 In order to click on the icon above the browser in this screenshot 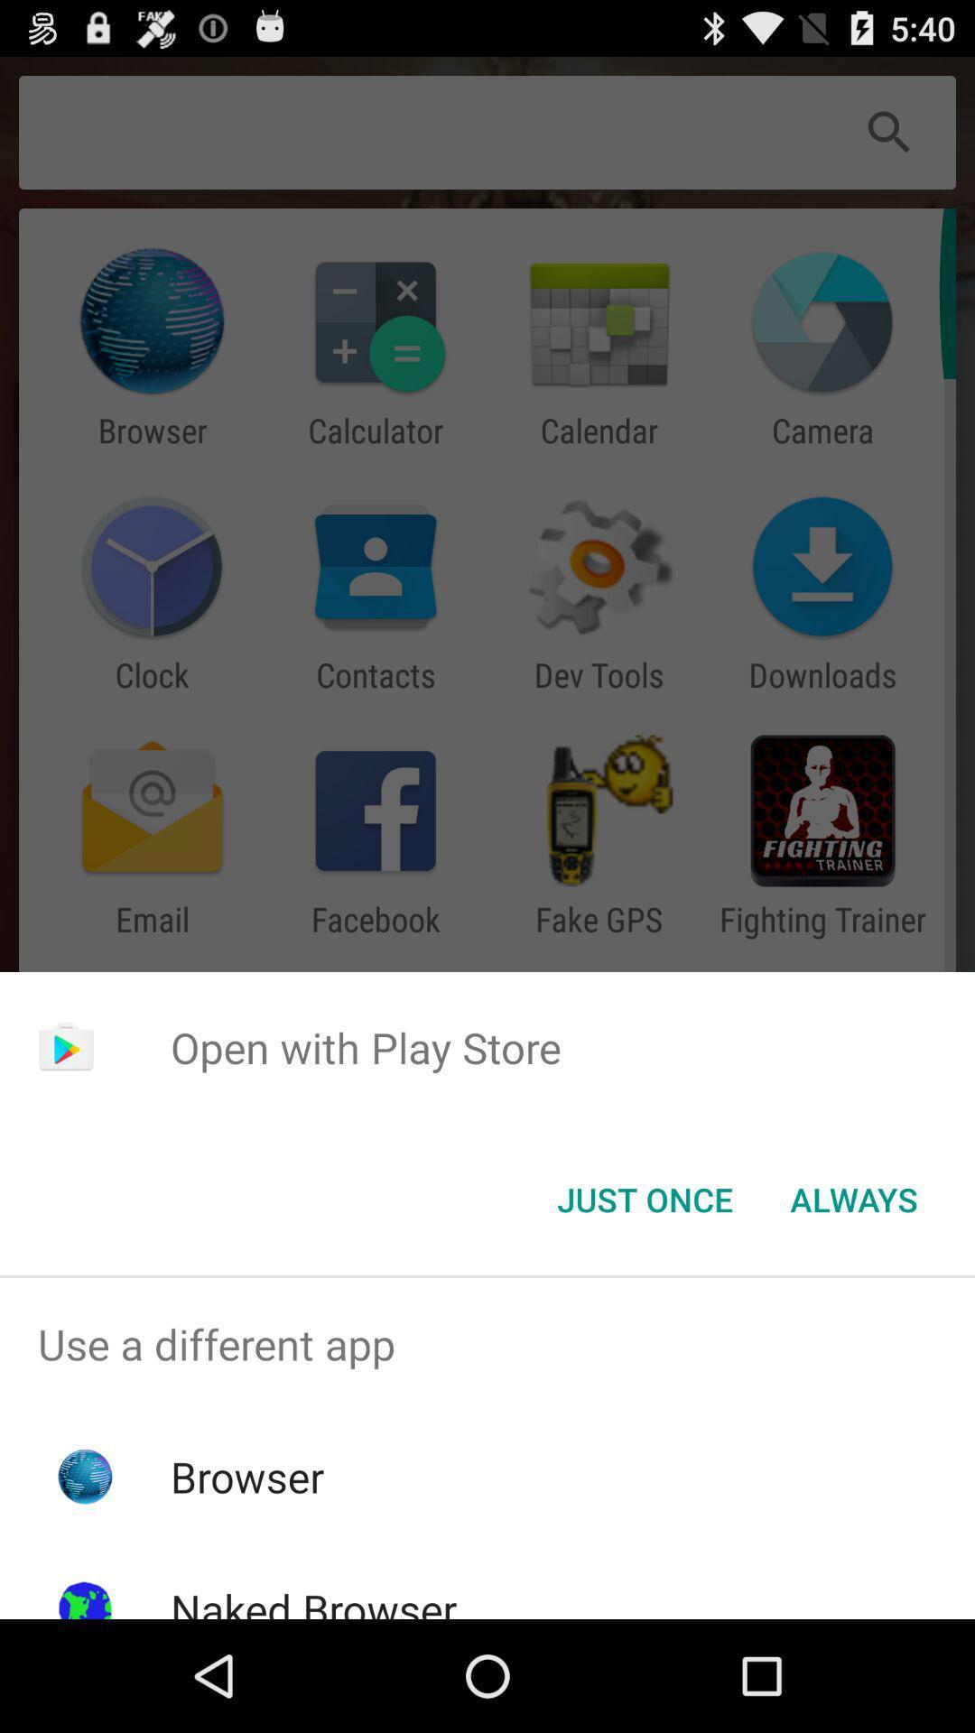, I will do `click(487, 1344)`.